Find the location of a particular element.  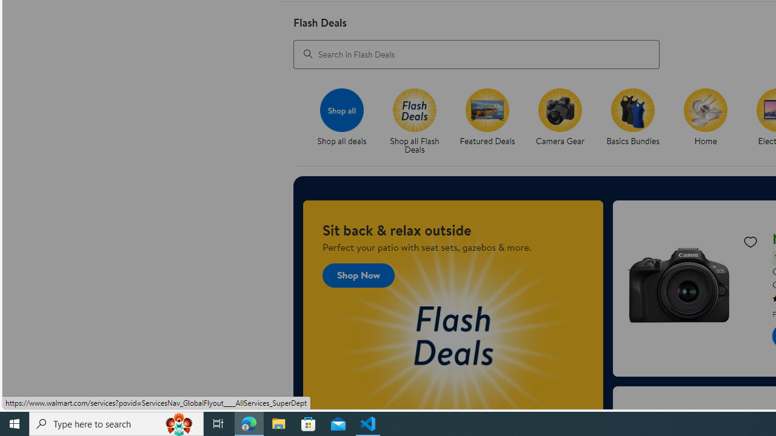

'Flash Deals' is located at coordinates (414, 110).